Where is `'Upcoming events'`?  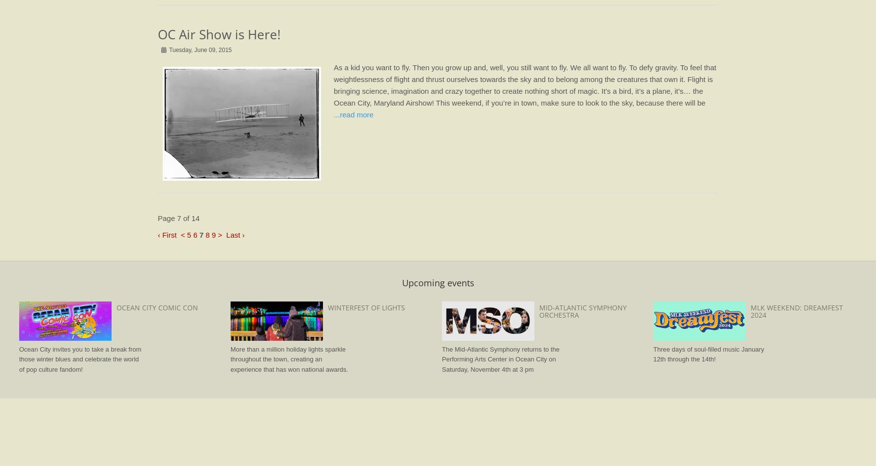
'Upcoming events' is located at coordinates (437, 281).